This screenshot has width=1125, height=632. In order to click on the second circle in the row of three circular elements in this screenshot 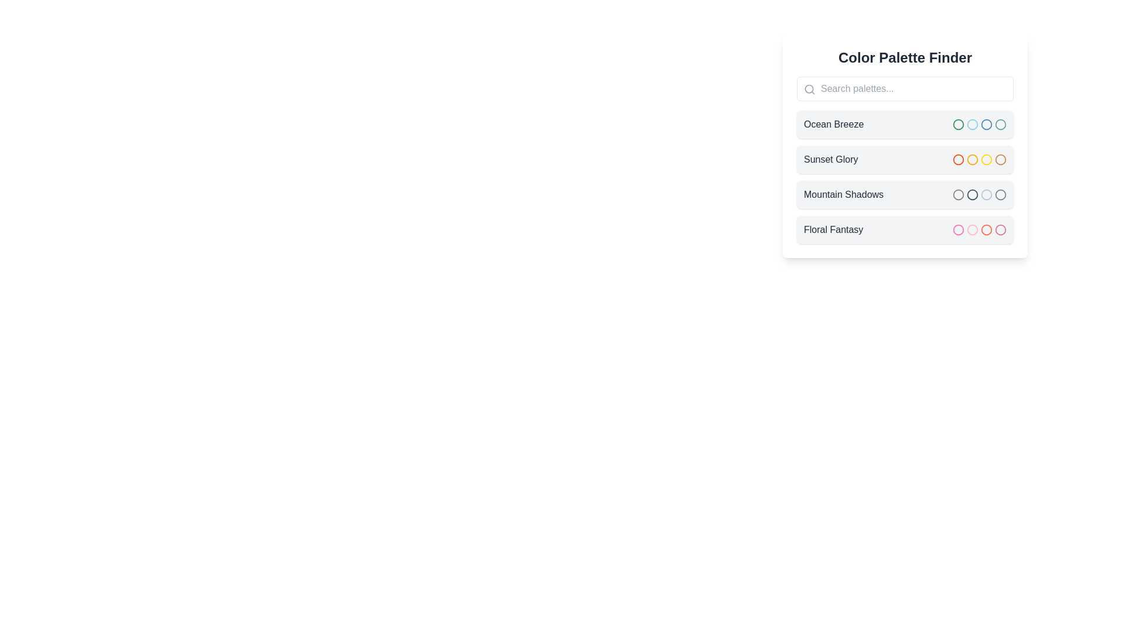, I will do `click(973, 124)`.